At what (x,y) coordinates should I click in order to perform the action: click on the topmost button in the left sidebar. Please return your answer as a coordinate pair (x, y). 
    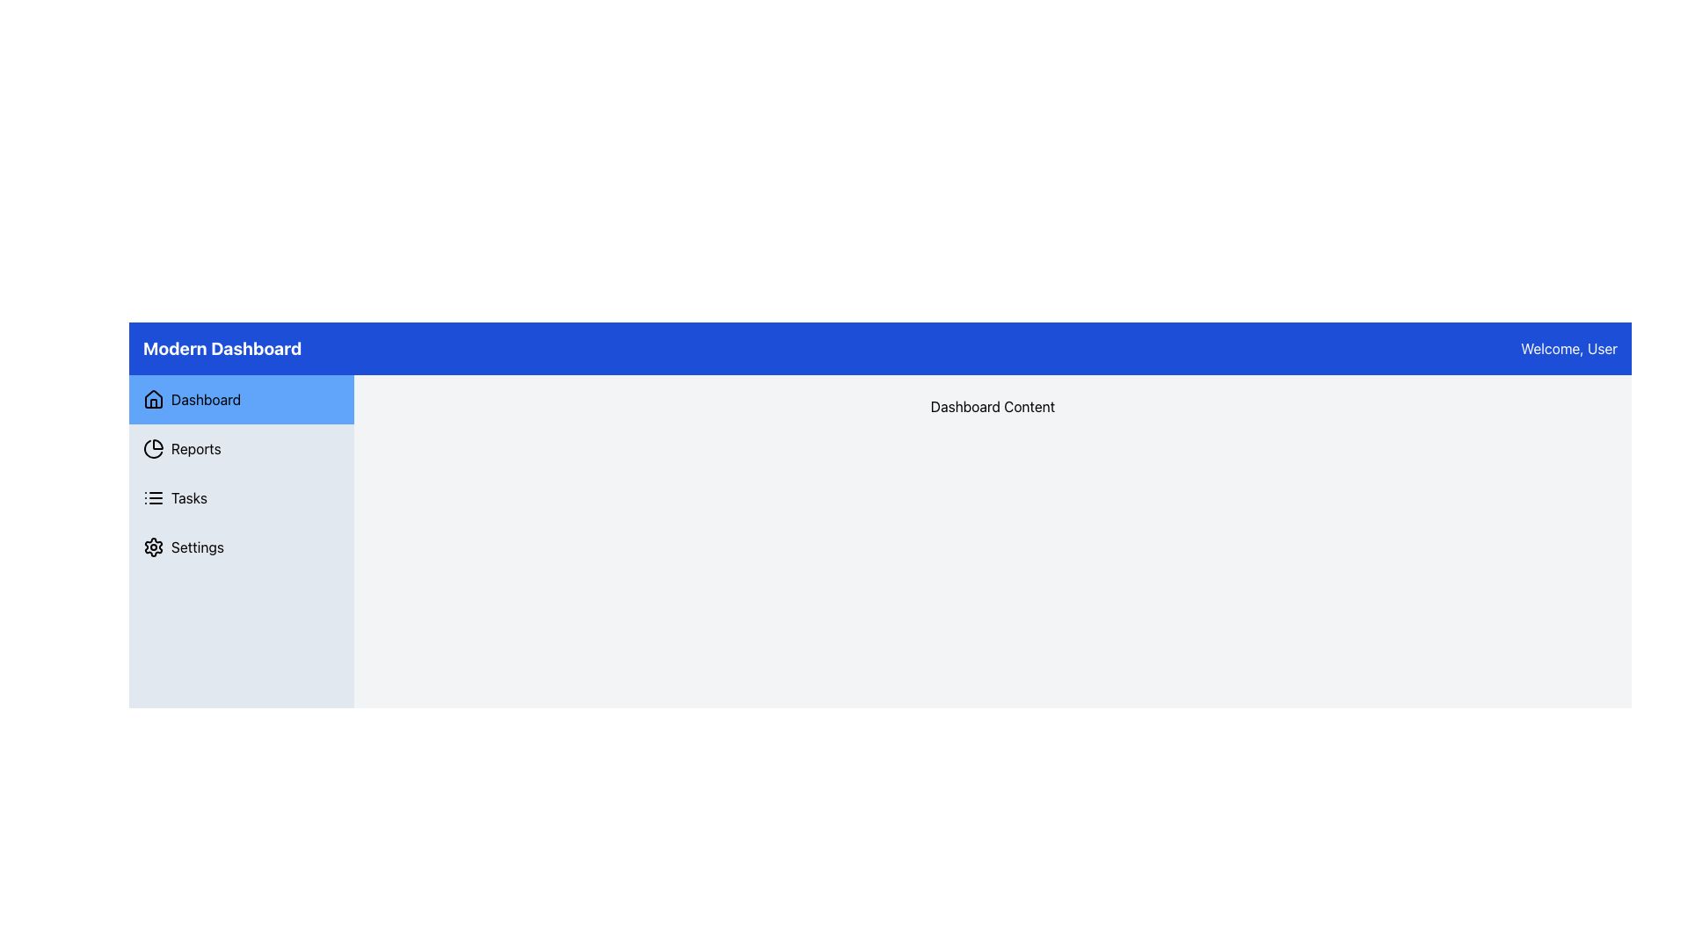
    Looking at the image, I should click on (240, 400).